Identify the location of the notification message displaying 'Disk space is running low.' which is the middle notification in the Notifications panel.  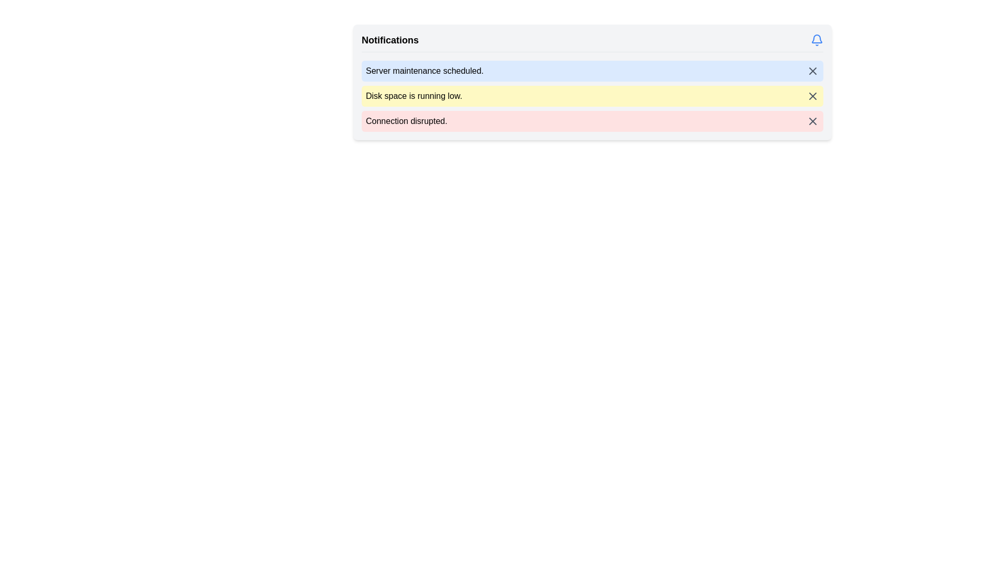
(593, 96).